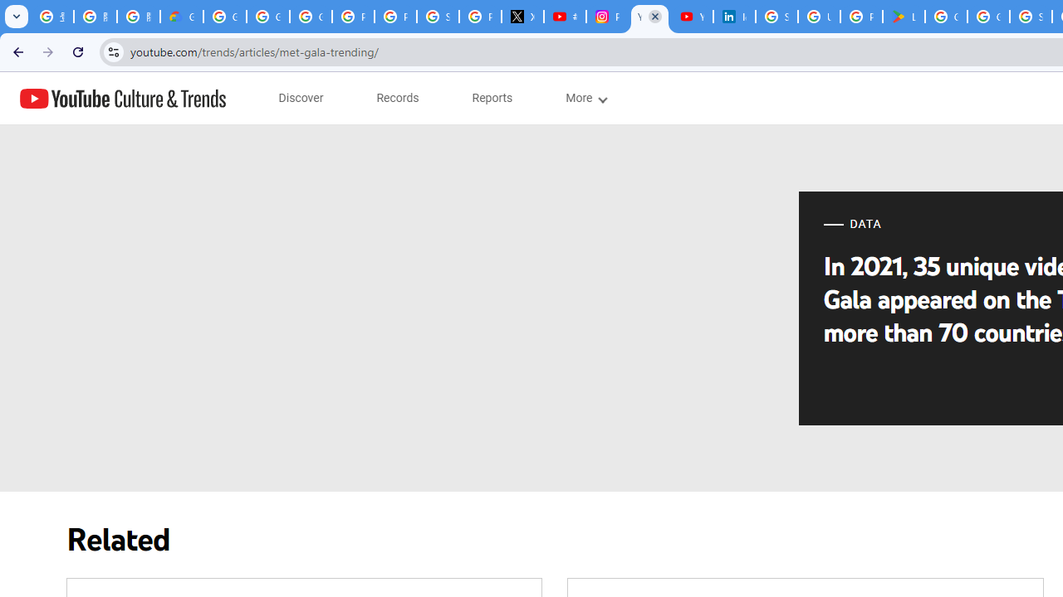 The width and height of the screenshot is (1063, 597). Describe the element at coordinates (903, 17) in the screenshot. I see `'Last Shelter: Survival - Apps on Google Play'` at that location.